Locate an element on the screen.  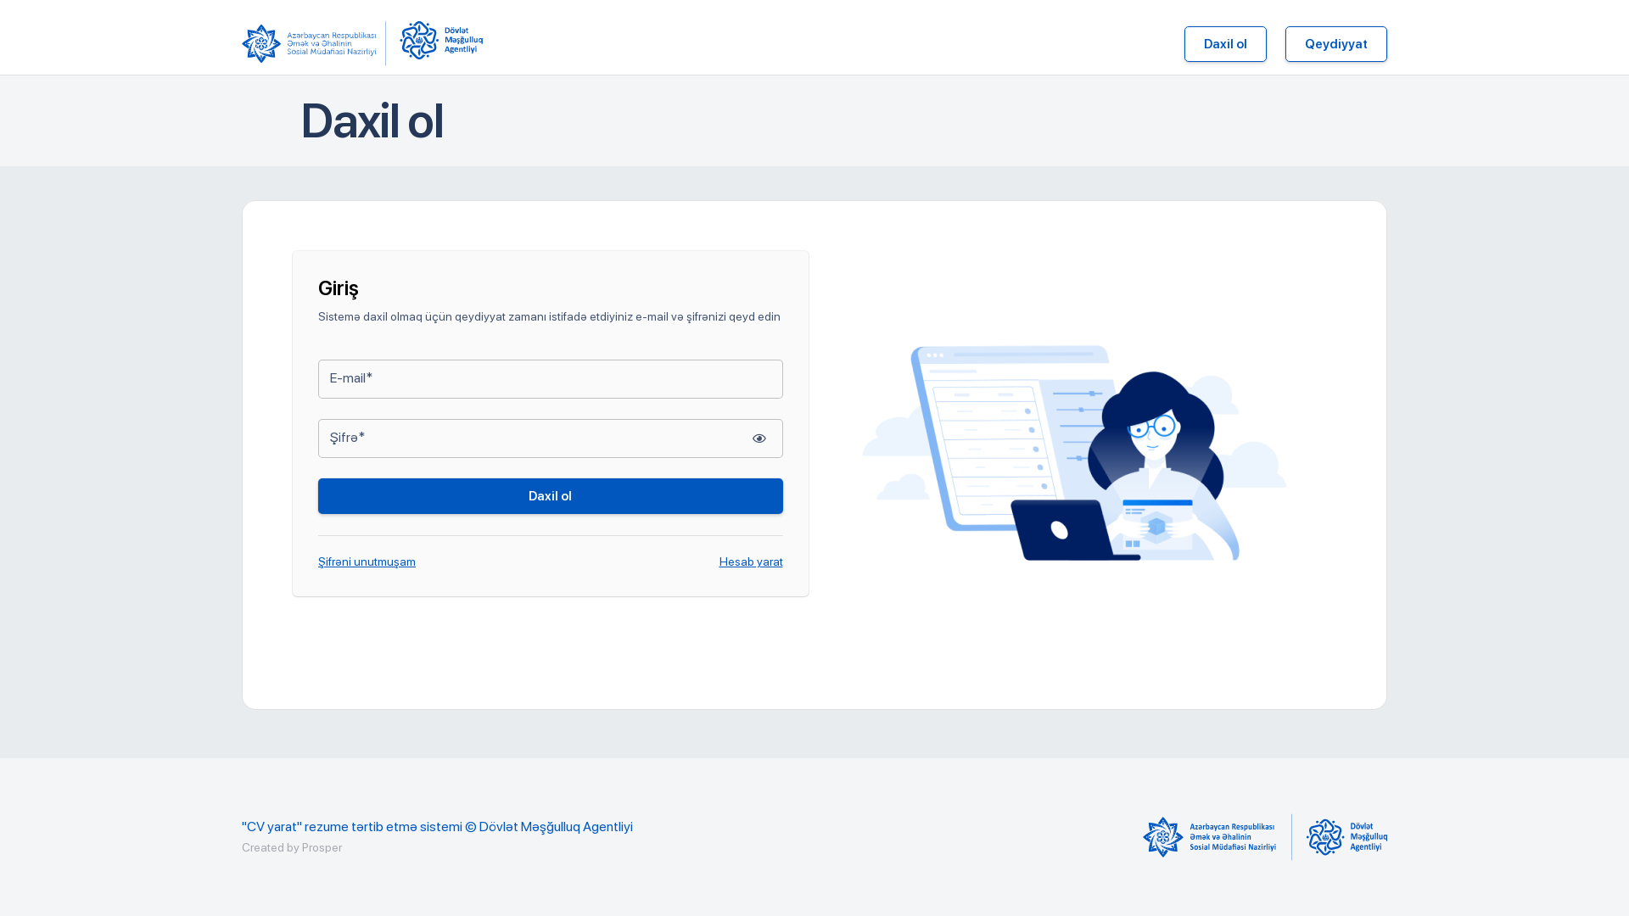
'Created by Prosper' is located at coordinates (292, 847).